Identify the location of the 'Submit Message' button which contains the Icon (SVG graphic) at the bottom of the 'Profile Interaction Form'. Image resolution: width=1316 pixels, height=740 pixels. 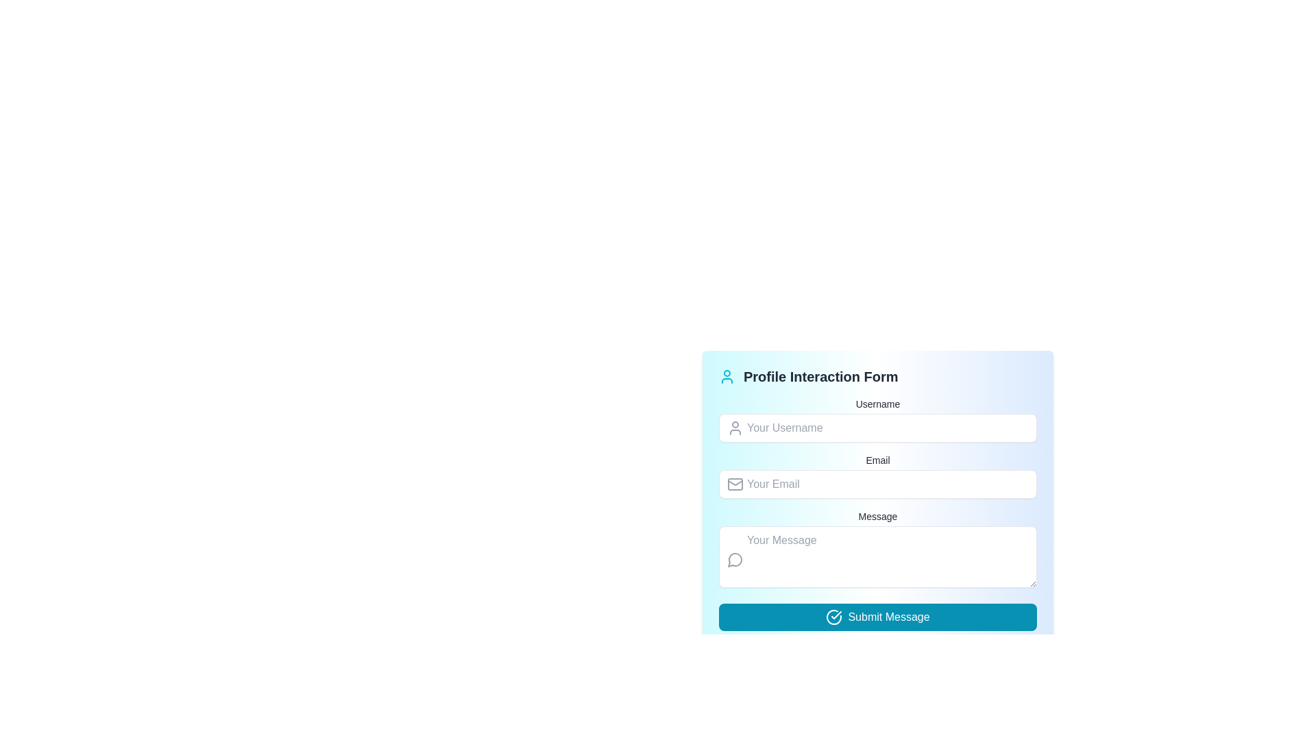
(833, 617).